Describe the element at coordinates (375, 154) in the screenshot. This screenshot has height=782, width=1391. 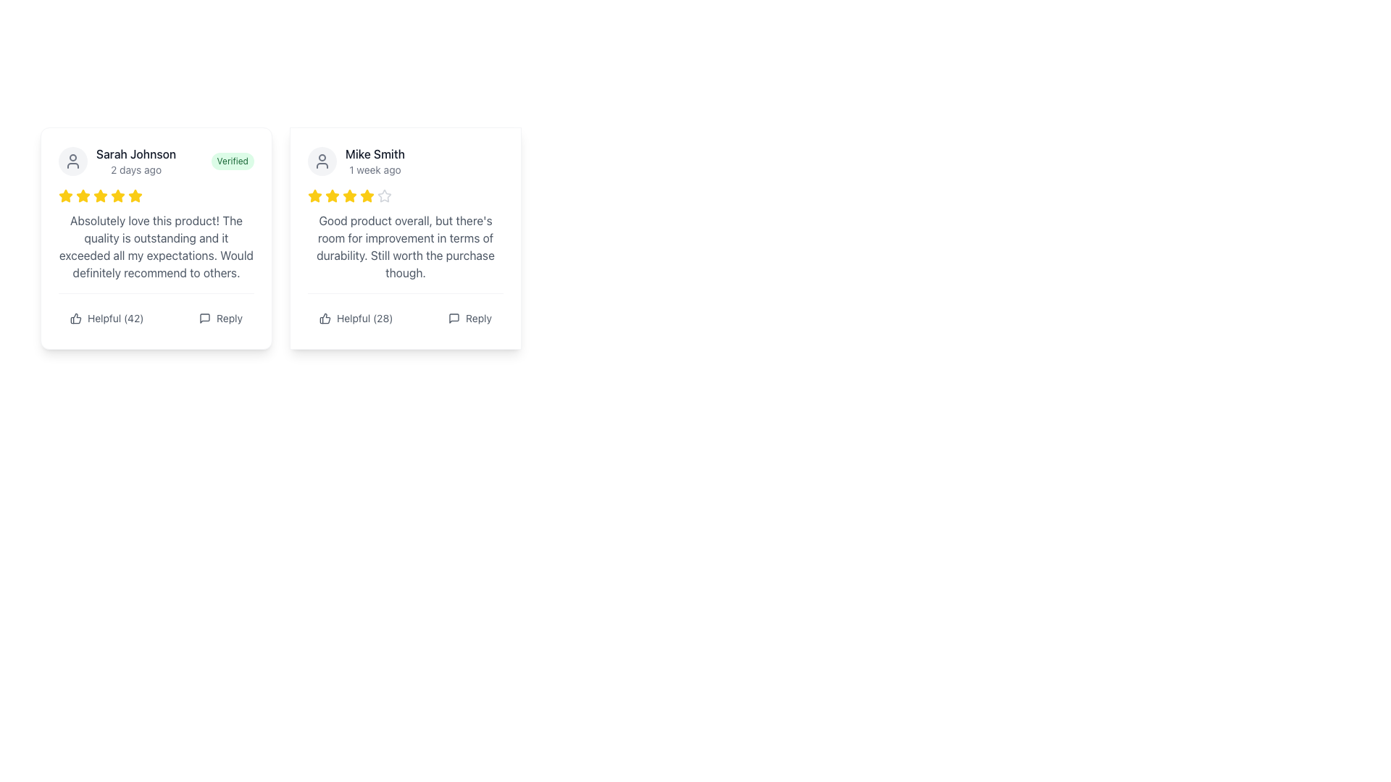
I see `text displayed for the reviewer's name located in the top-right card among user review cards, positioned to the right of the user icon and above the timestamp '1 week ago'` at that location.